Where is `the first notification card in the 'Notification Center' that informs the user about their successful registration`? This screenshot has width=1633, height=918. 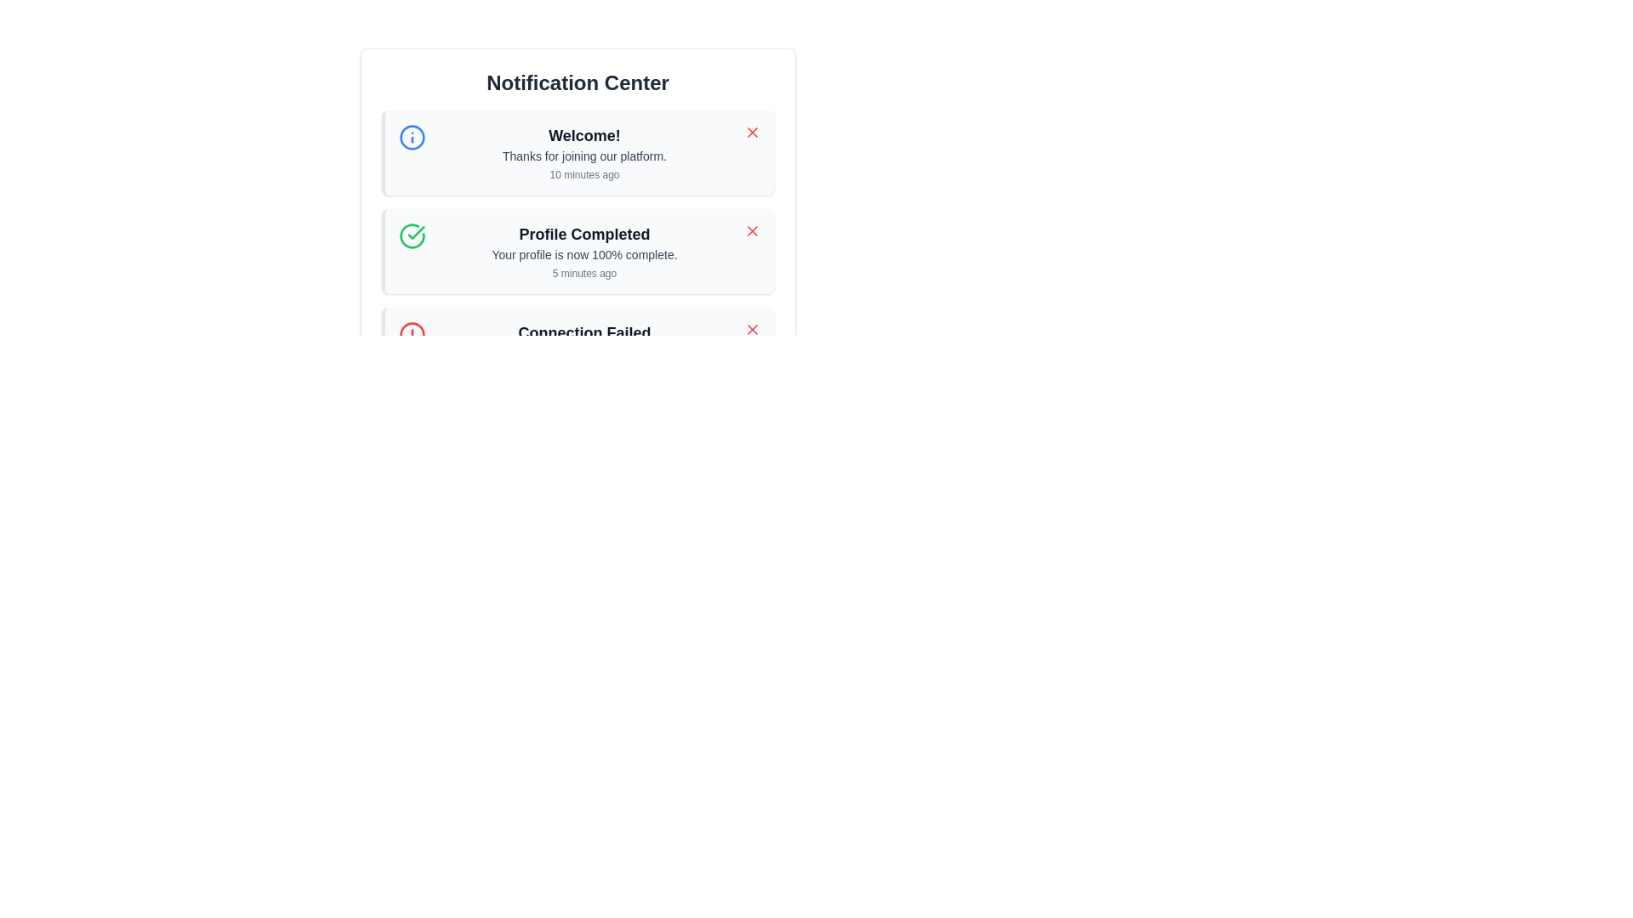 the first notification card in the 'Notification Center' that informs the user about their successful registration is located at coordinates (578, 167).